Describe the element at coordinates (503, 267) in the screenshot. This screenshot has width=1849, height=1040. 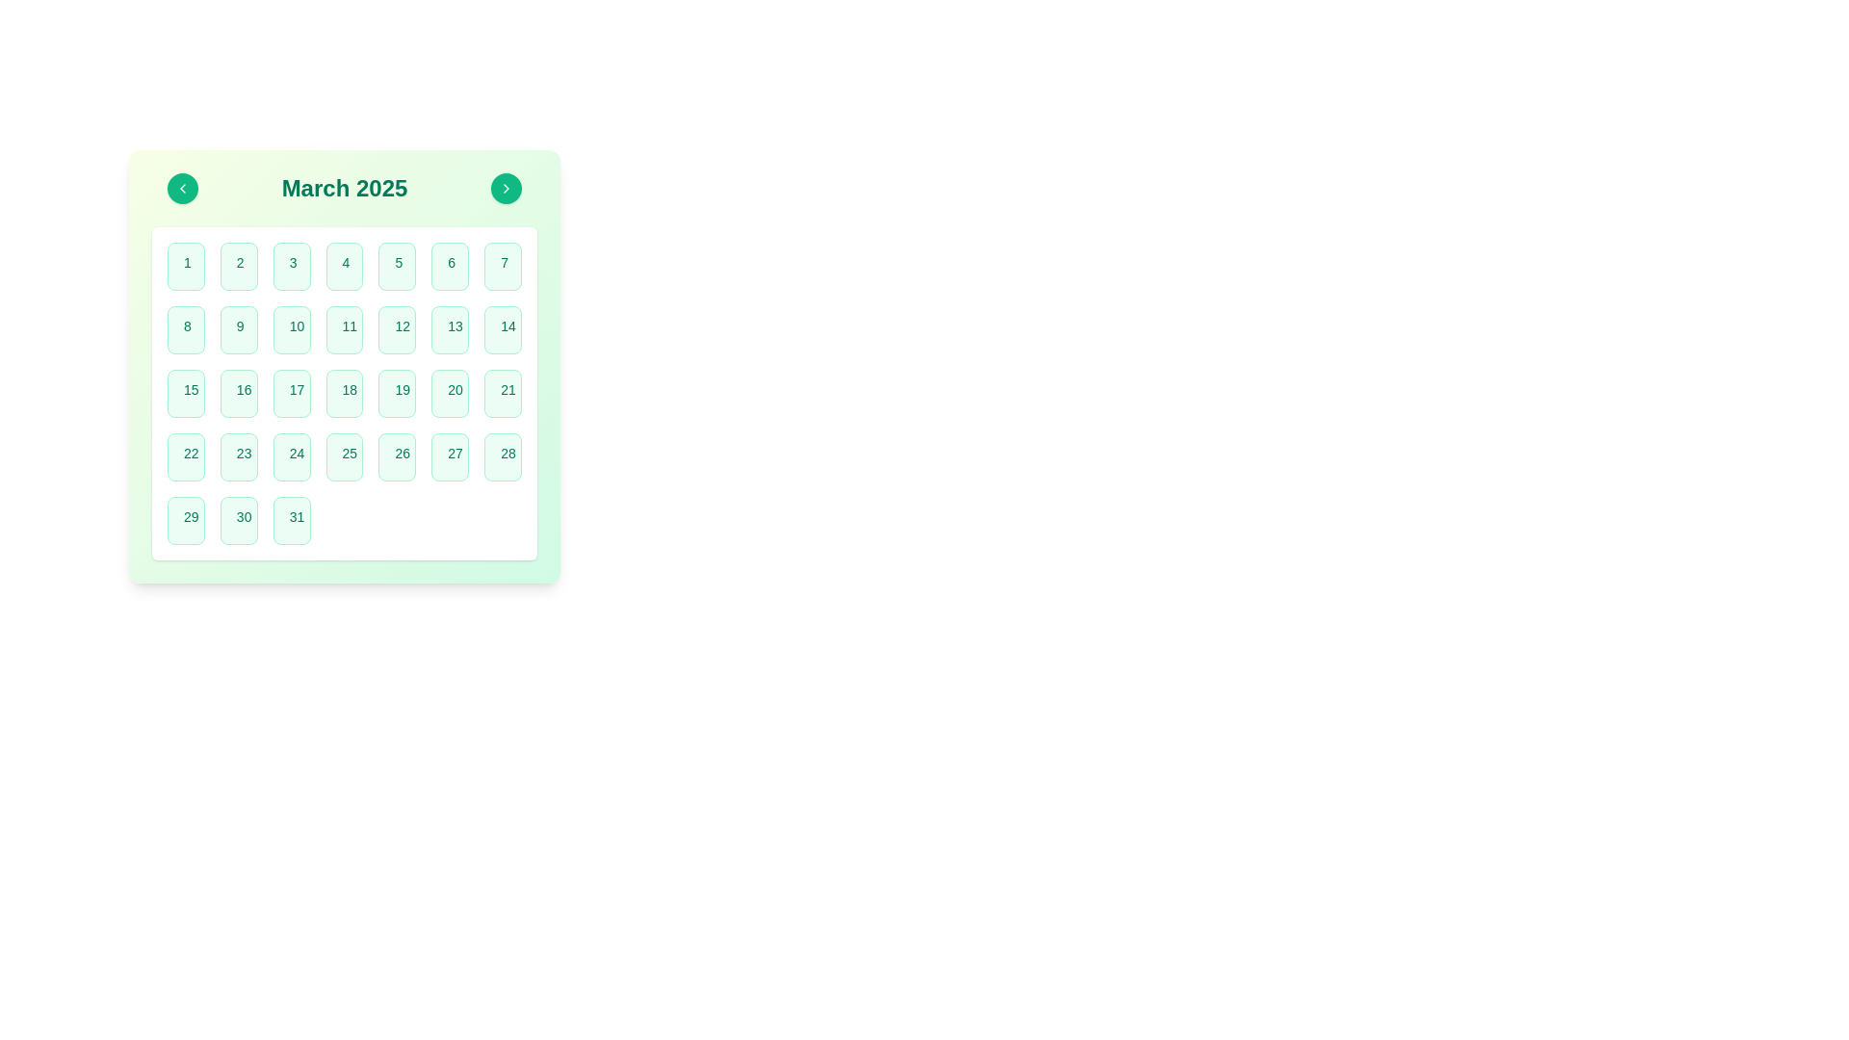
I see `the Calendar Day Cell representing the seventh day in the calendar interface` at that location.